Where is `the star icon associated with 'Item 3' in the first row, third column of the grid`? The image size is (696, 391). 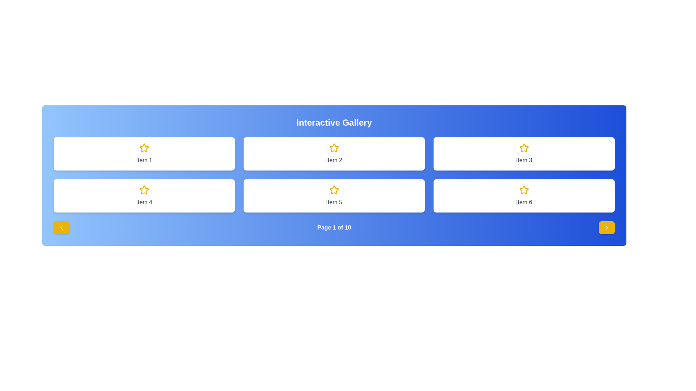
the star icon associated with 'Item 3' in the first row, third column of the grid is located at coordinates (524, 147).